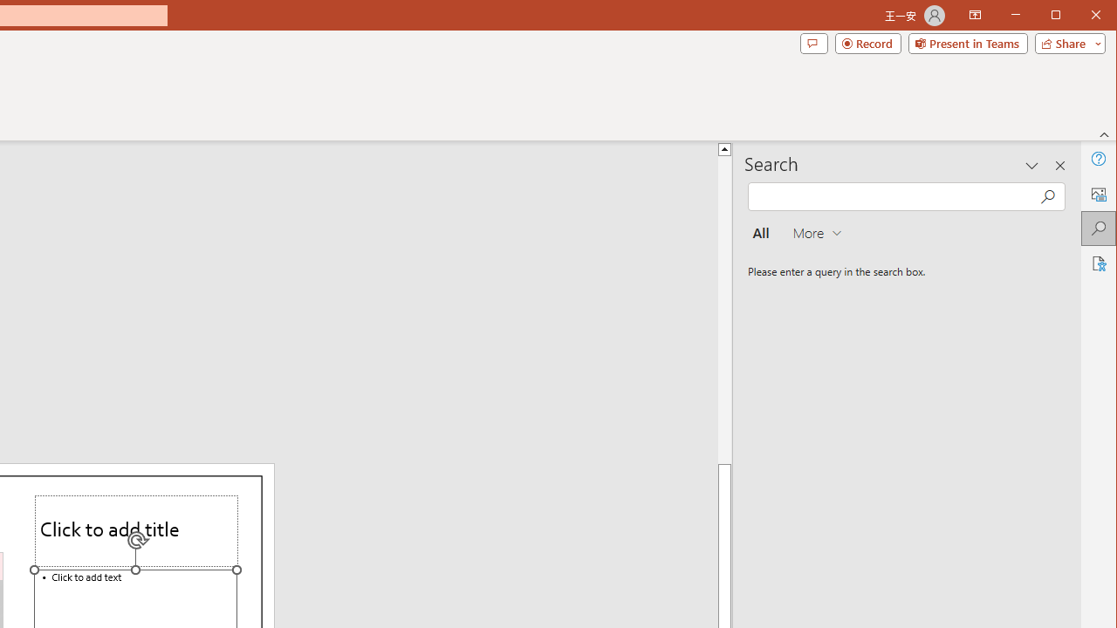 This screenshot has height=628, width=1117. I want to click on 'Title TextBox', so click(135, 530).